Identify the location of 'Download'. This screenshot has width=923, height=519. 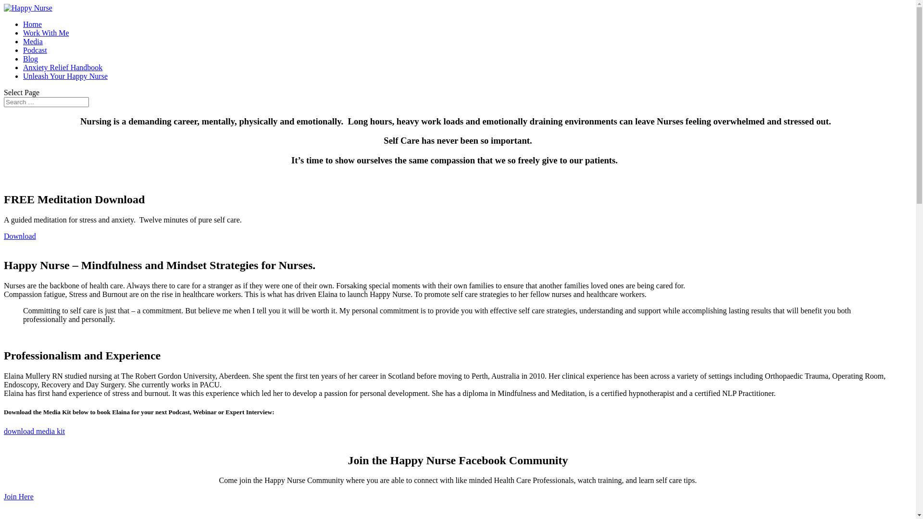
(20, 236).